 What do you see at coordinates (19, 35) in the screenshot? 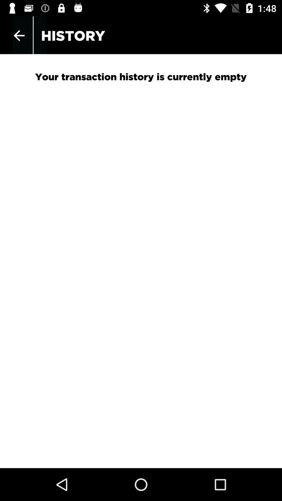
I see `the icon next to the history app` at bounding box center [19, 35].